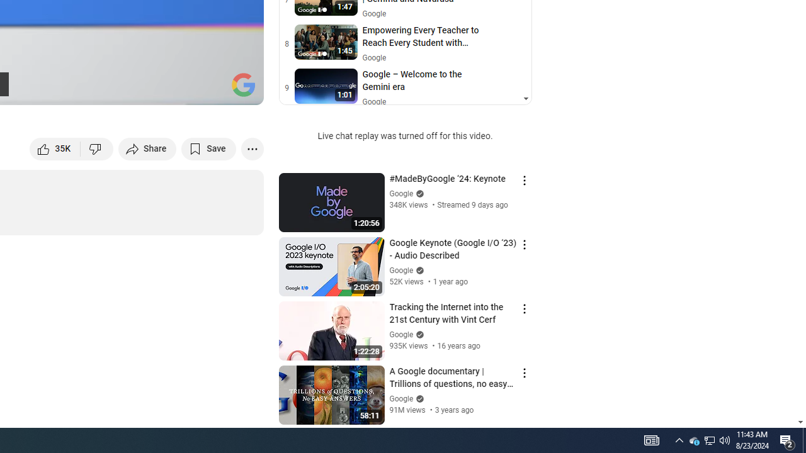 Image resolution: width=806 pixels, height=453 pixels. Describe the element at coordinates (179, 89) in the screenshot. I see `'Miniplayer (i)'` at that location.